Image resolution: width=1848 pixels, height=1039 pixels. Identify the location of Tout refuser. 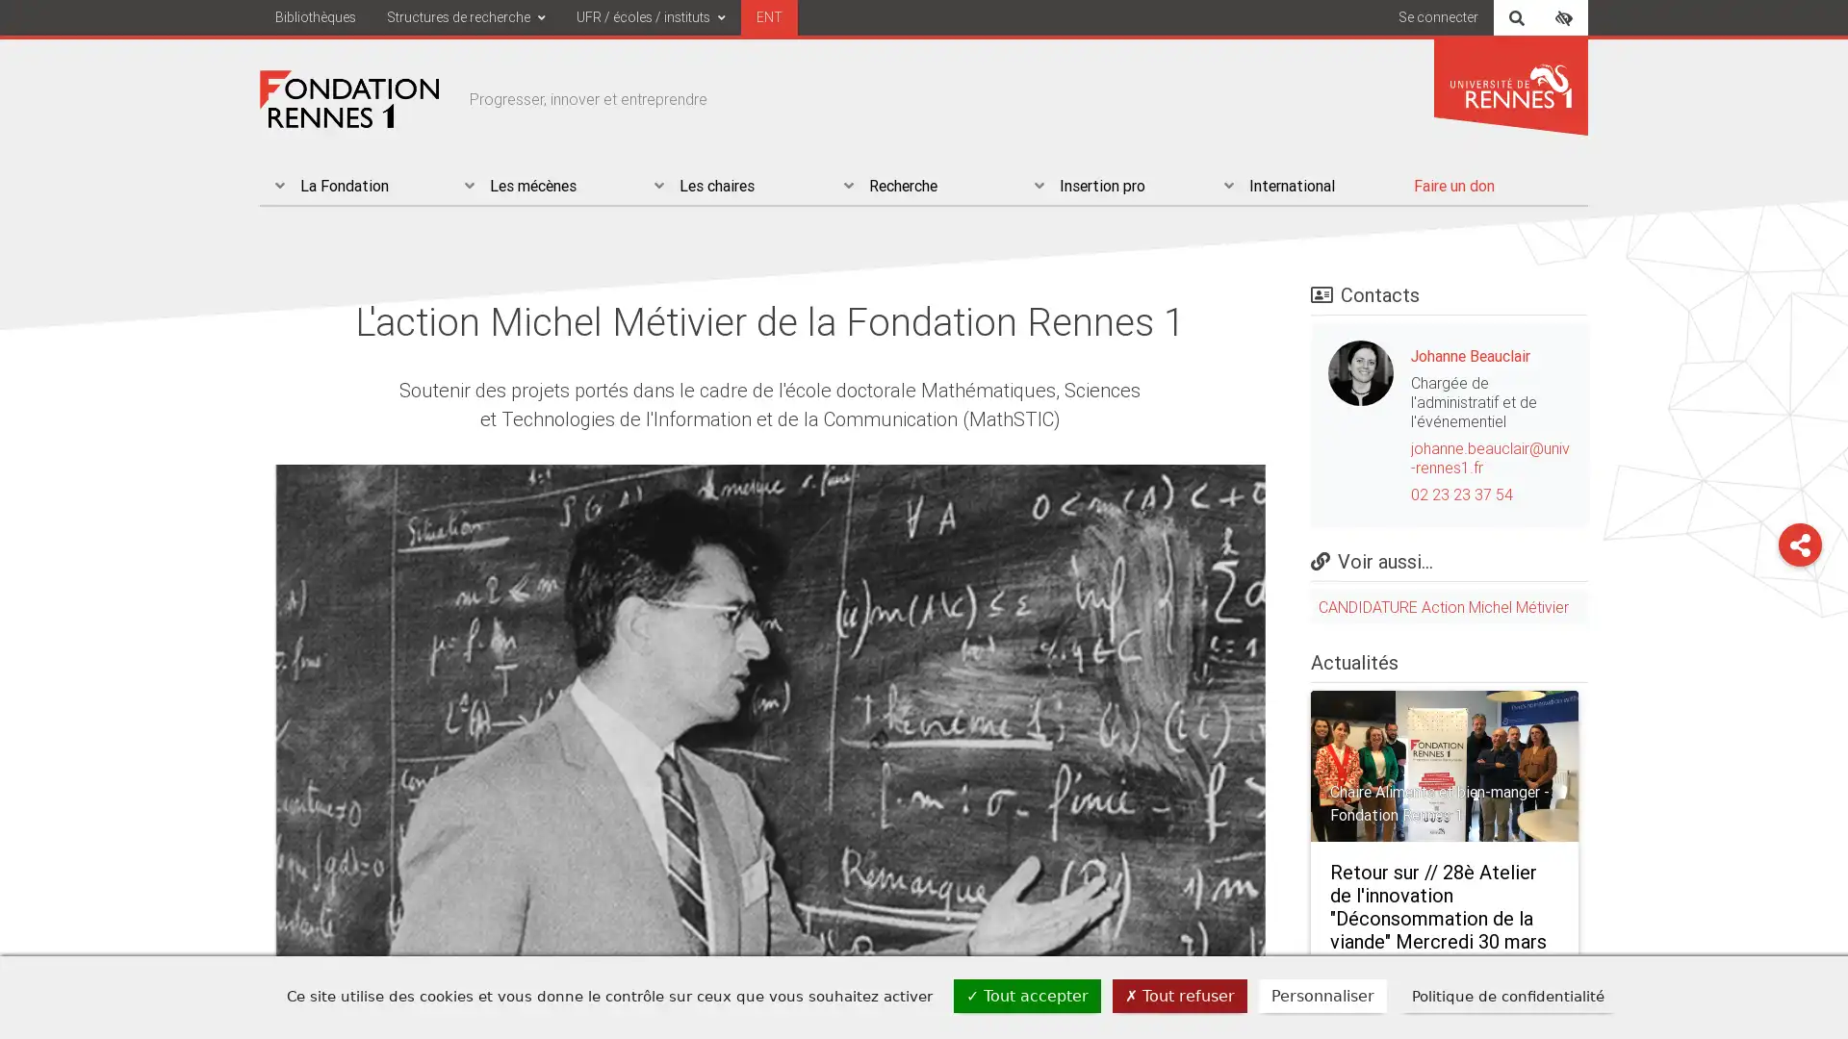
(1178, 995).